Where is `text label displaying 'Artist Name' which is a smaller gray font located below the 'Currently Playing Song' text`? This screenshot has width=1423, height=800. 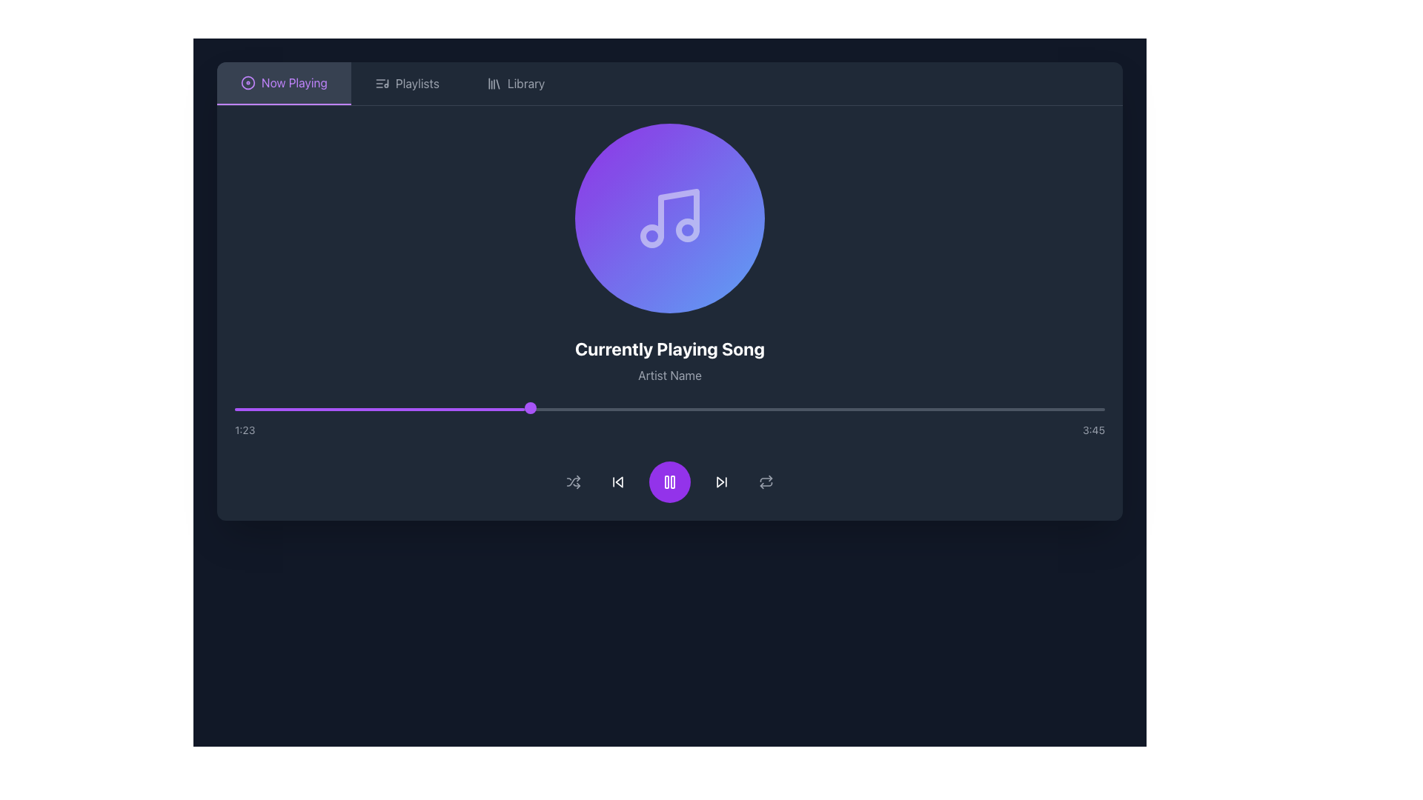 text label displaying 'Artist Name' which is a smaller gray font located below the 'Currently Playing Song' text is located at coordinates (669, 374).